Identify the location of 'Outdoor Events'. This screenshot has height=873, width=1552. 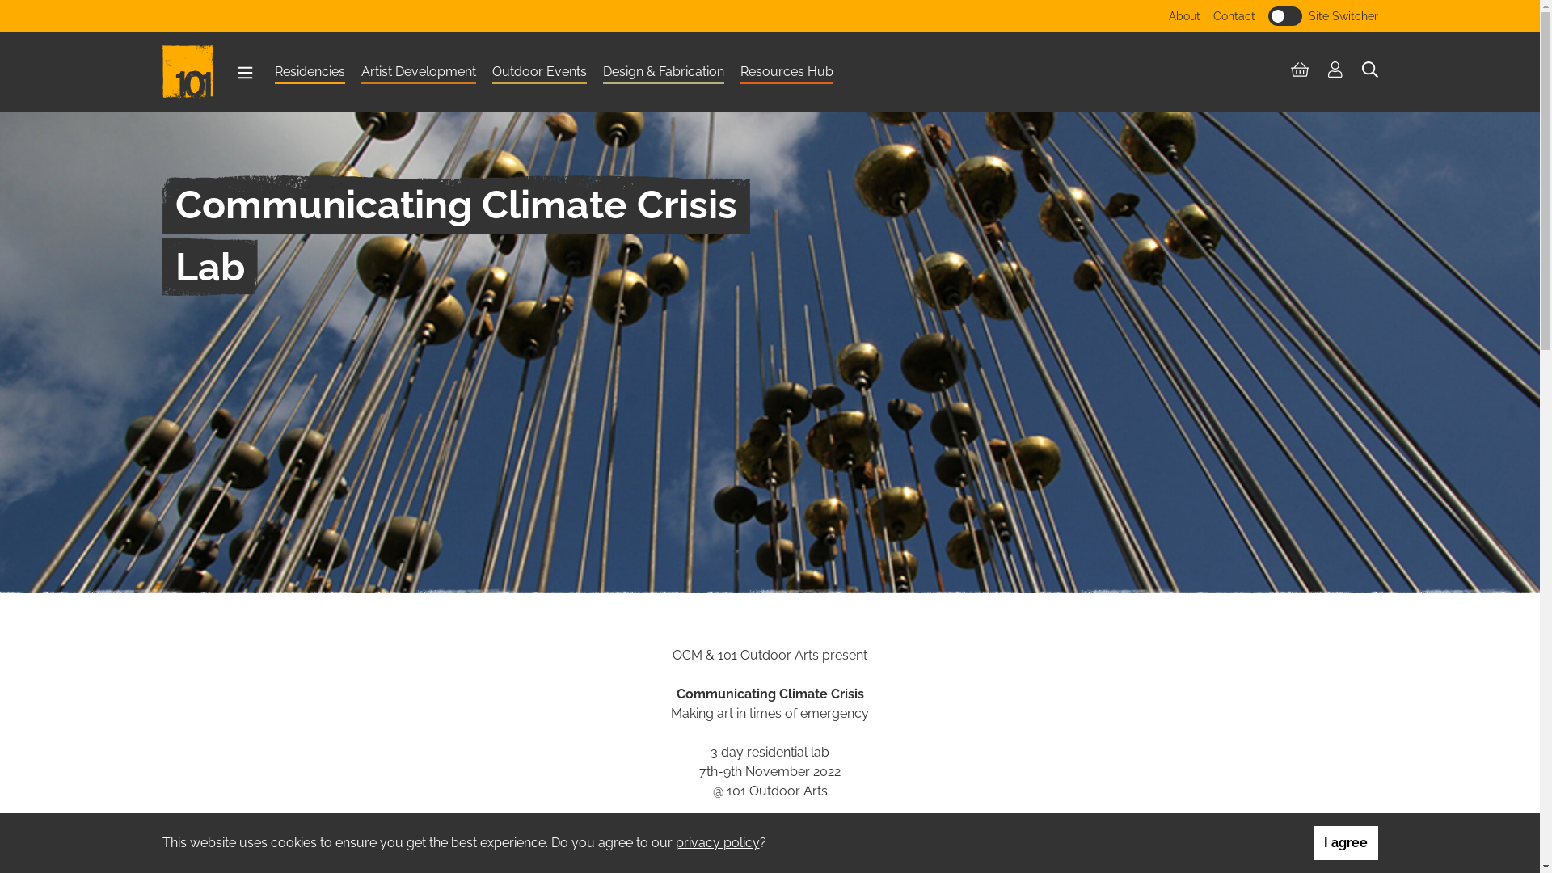
(538, 74).